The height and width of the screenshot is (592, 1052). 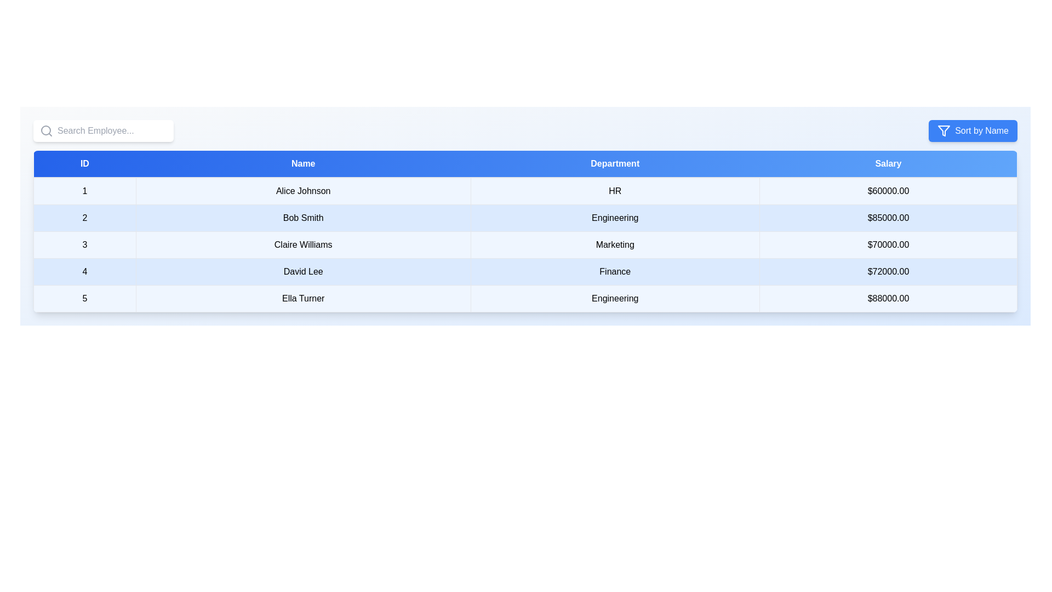 I want to click on to select the fourth visible table row representing the data entry for David Lee, which is located below the row with ID 3 and above the row with ID 5, so click(x=525, y=271).